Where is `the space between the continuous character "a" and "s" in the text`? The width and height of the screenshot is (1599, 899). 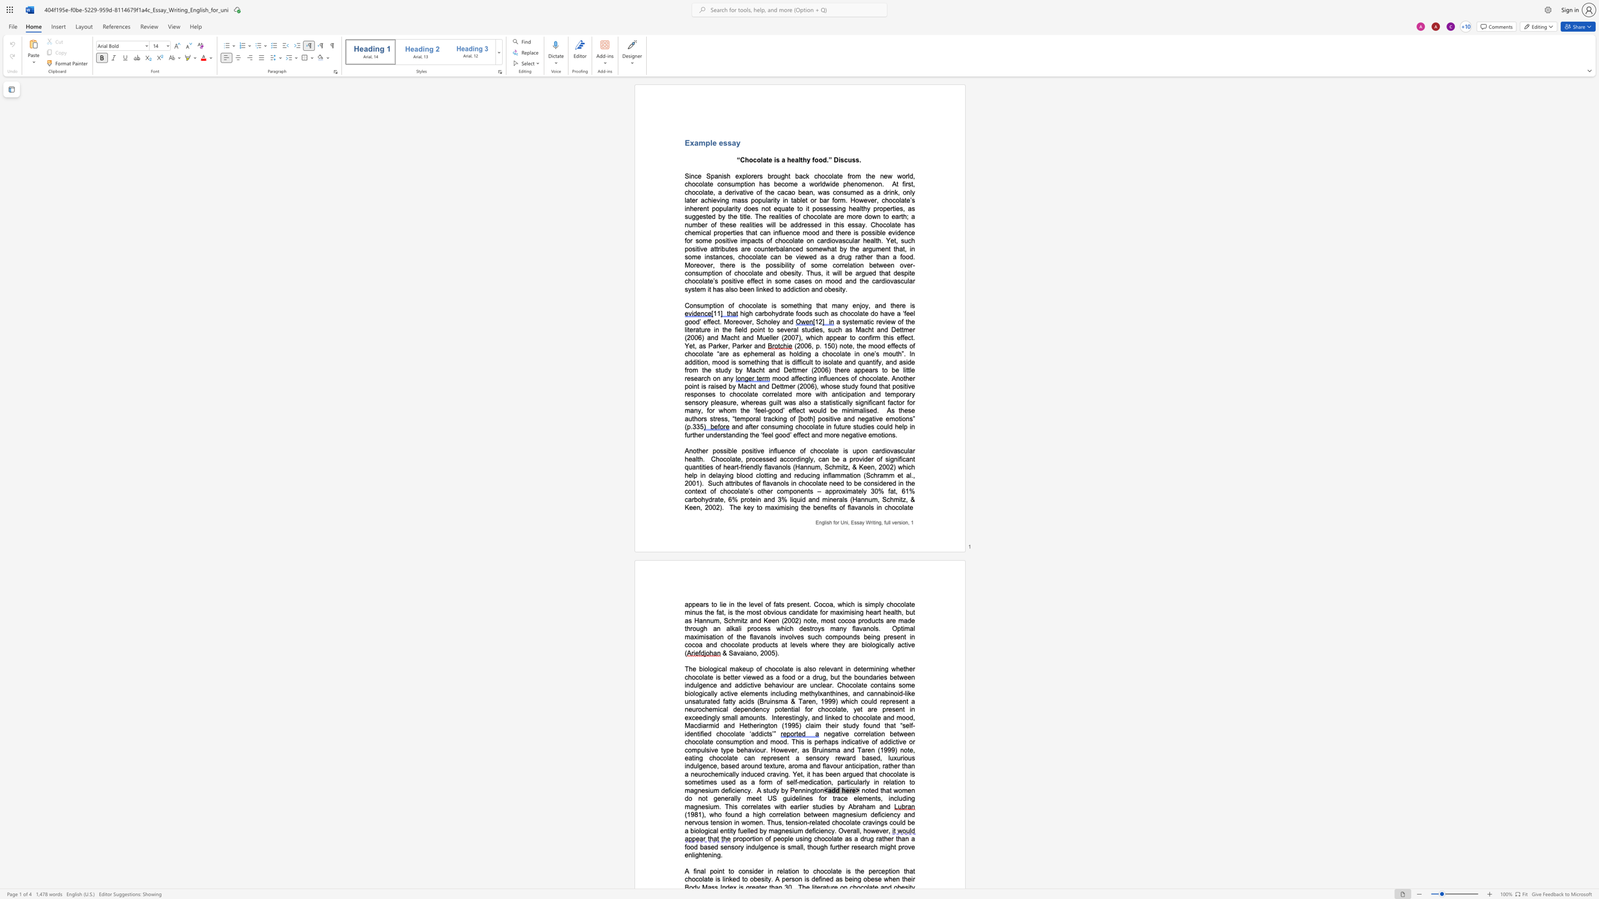 the space between the continuous character "a" and "s" in the text is located at coordinates (842, 240).